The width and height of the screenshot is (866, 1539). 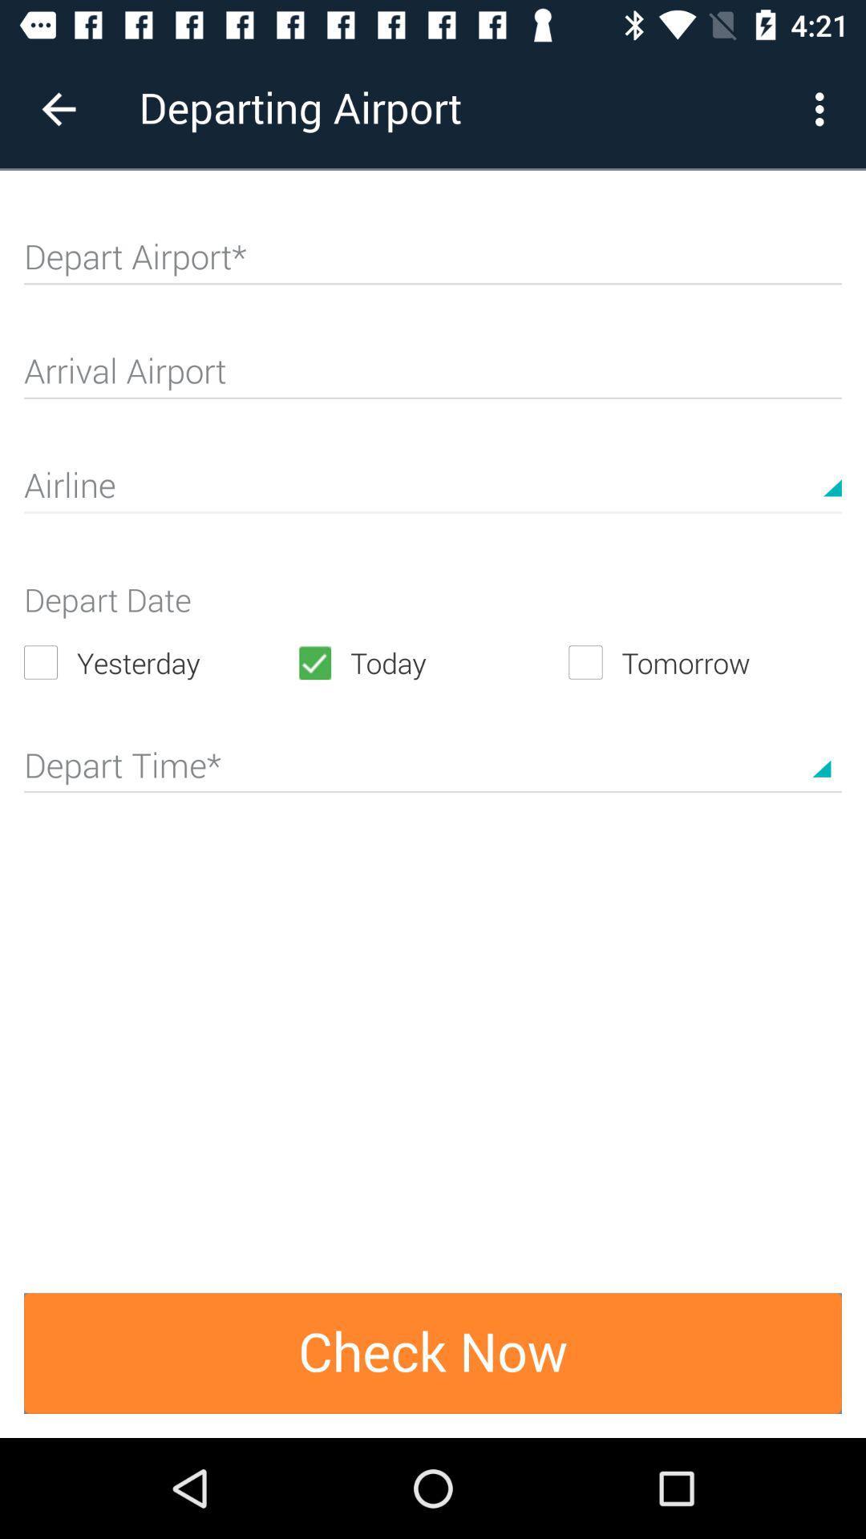 What do you see at coordinates (433, 264) in the screenshot?
I see `allows you to enter airport selection` at bounding box center [433, 264].